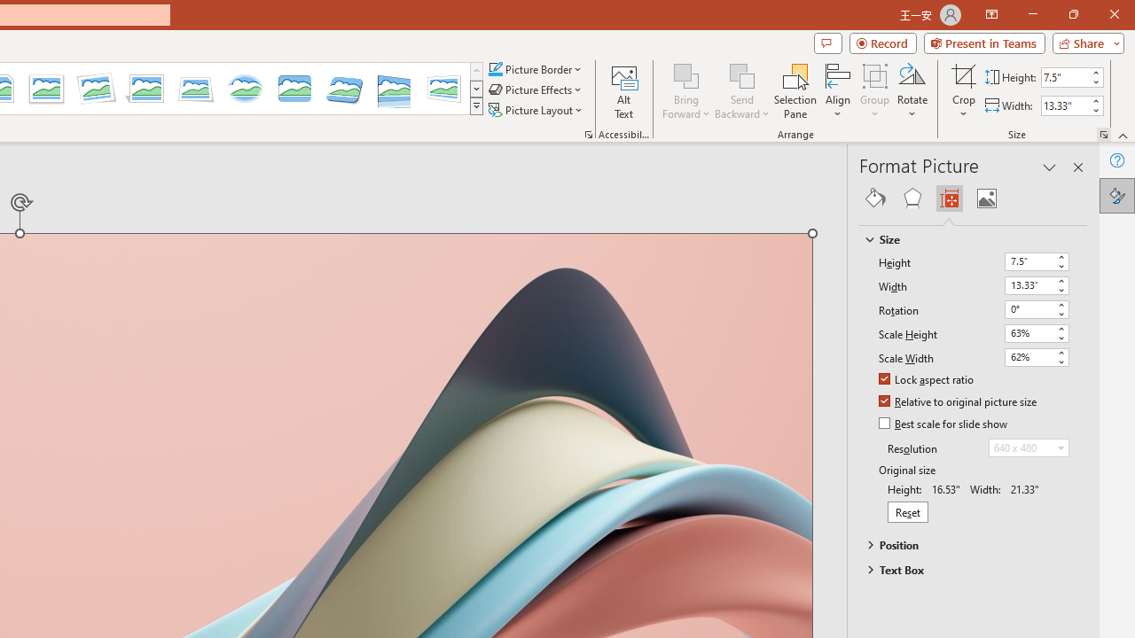  What do you see at coordinates (476, 106) in the screenshot?
I see `'Quick Styles'` at bounding box center [476, 106].